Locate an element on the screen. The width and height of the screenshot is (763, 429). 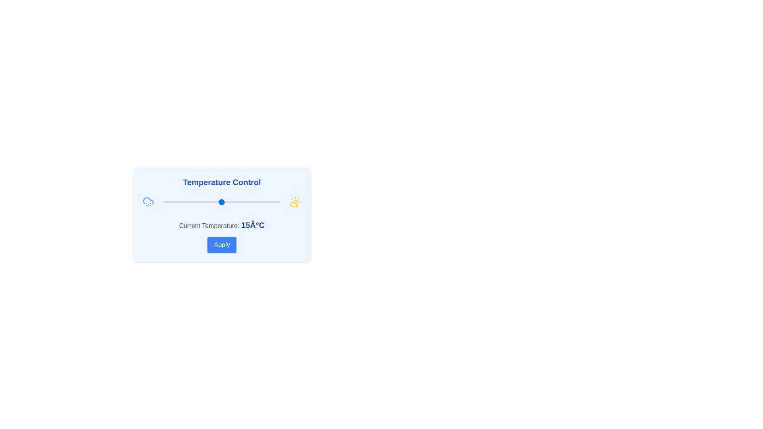
the temperature to 27°C using the slider is located at coordinates (249, 202).